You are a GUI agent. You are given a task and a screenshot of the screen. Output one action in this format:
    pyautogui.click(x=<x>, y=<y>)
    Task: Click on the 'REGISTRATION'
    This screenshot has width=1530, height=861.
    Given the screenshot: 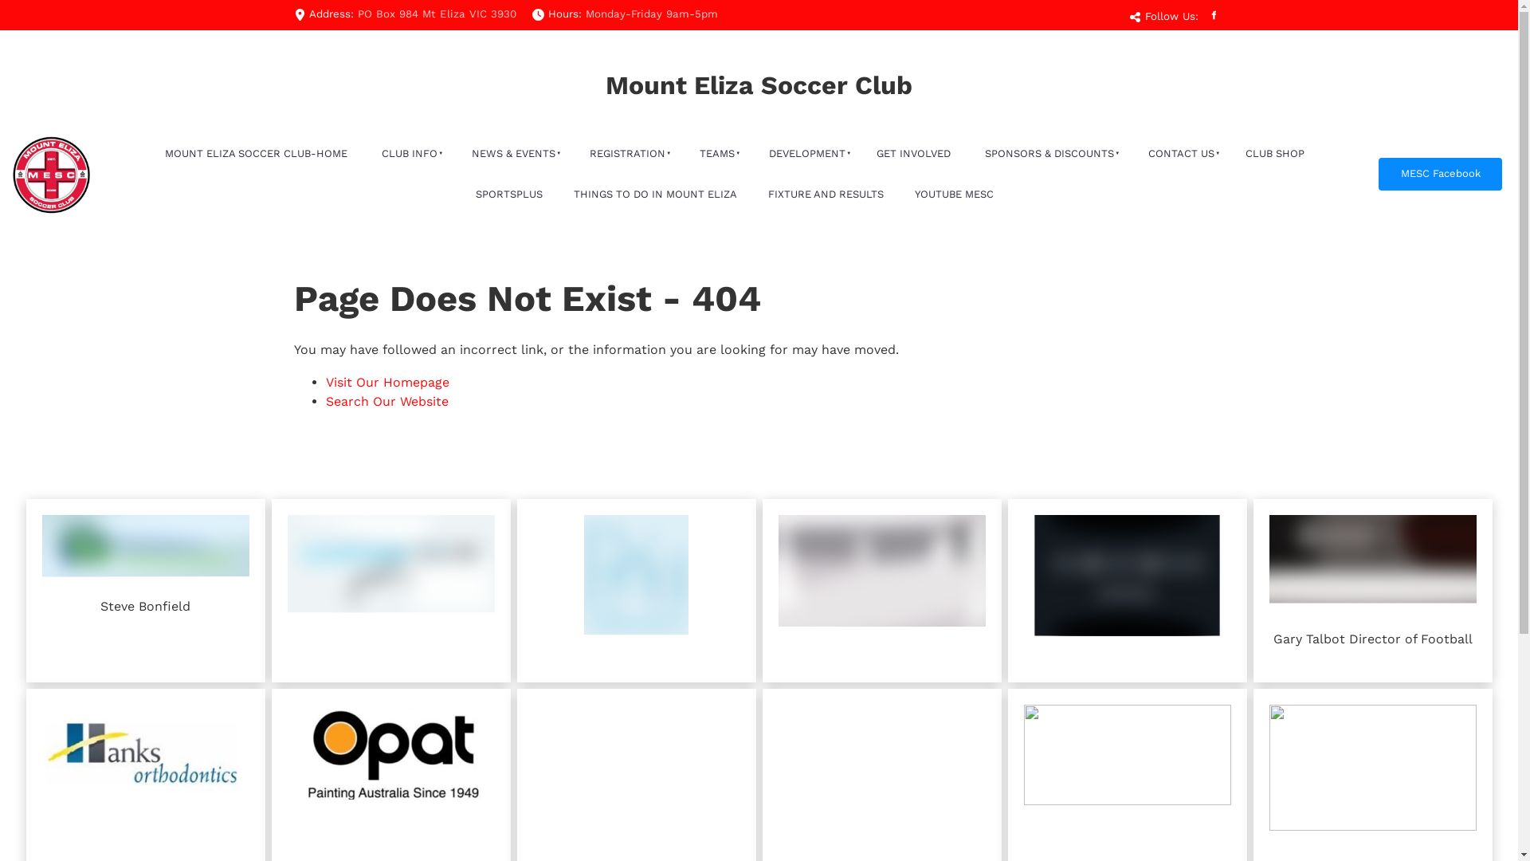 What is the action you would take?
    pyautogui.click(x=625, y=154)
    